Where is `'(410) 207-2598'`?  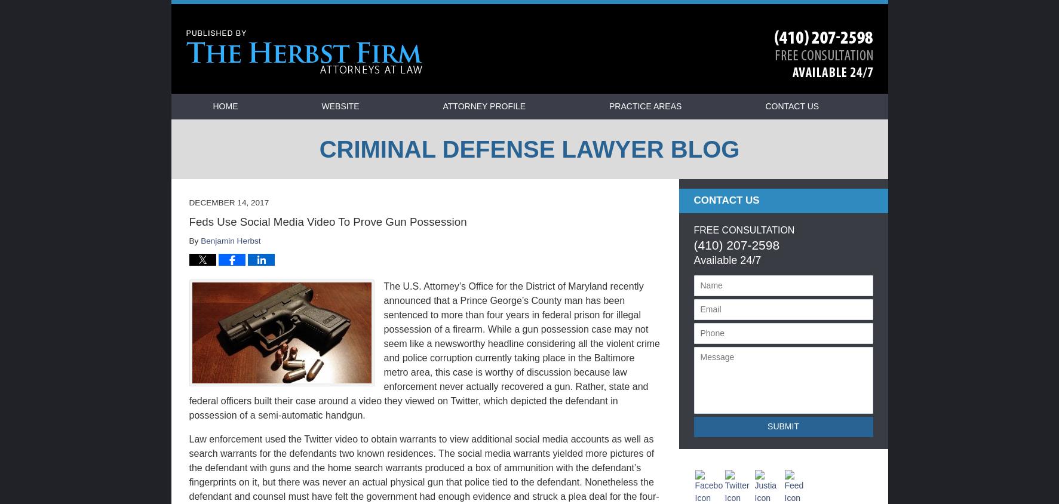 '(410) 207-2598' is located at coordinates (735, 245).